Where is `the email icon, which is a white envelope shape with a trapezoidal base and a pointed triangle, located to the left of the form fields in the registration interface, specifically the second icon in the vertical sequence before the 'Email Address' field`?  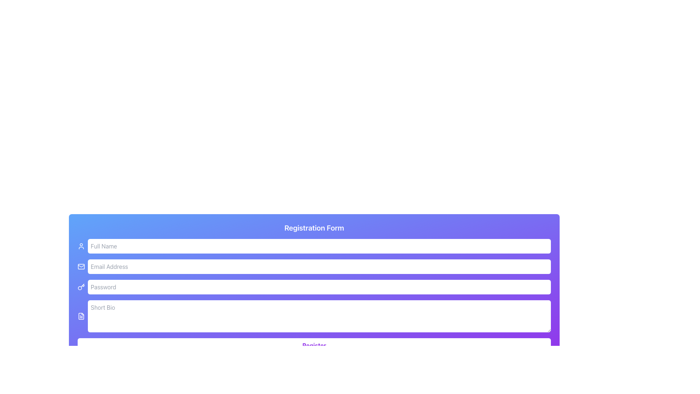
the email icon, which is a white envelope shape with a trapezoidal base and a pointed triangle, located to the left of the form fields in the registration interface, specifically the second icon in the vertical sequence before the 'Email Address' field is located at coordinates (81, 266).